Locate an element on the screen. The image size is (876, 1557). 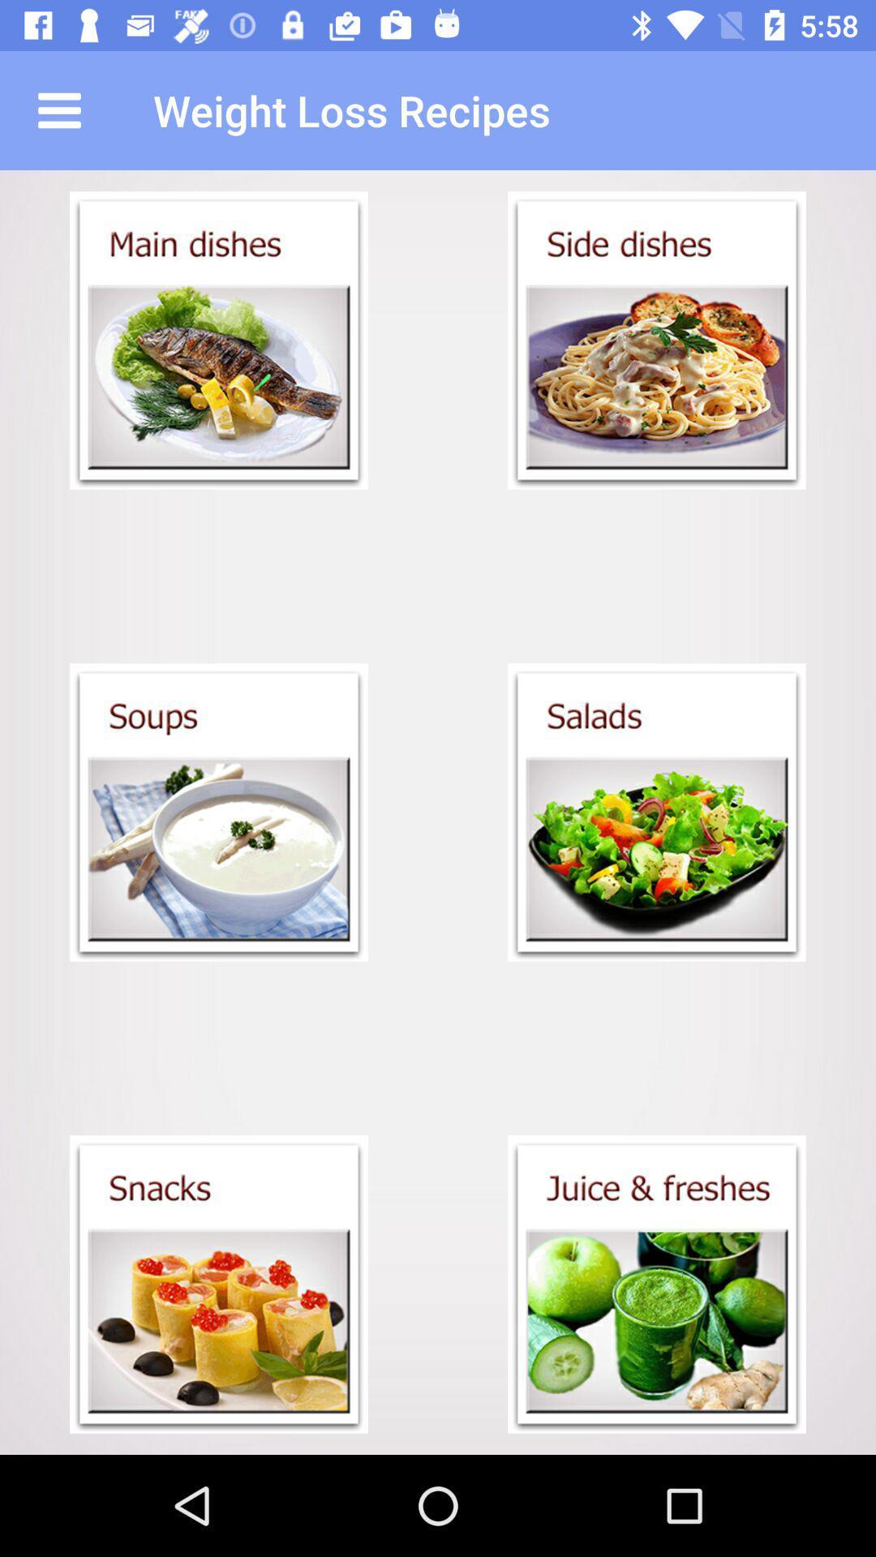
the item at the bottom right corner is located at coordinates (657, 1284).